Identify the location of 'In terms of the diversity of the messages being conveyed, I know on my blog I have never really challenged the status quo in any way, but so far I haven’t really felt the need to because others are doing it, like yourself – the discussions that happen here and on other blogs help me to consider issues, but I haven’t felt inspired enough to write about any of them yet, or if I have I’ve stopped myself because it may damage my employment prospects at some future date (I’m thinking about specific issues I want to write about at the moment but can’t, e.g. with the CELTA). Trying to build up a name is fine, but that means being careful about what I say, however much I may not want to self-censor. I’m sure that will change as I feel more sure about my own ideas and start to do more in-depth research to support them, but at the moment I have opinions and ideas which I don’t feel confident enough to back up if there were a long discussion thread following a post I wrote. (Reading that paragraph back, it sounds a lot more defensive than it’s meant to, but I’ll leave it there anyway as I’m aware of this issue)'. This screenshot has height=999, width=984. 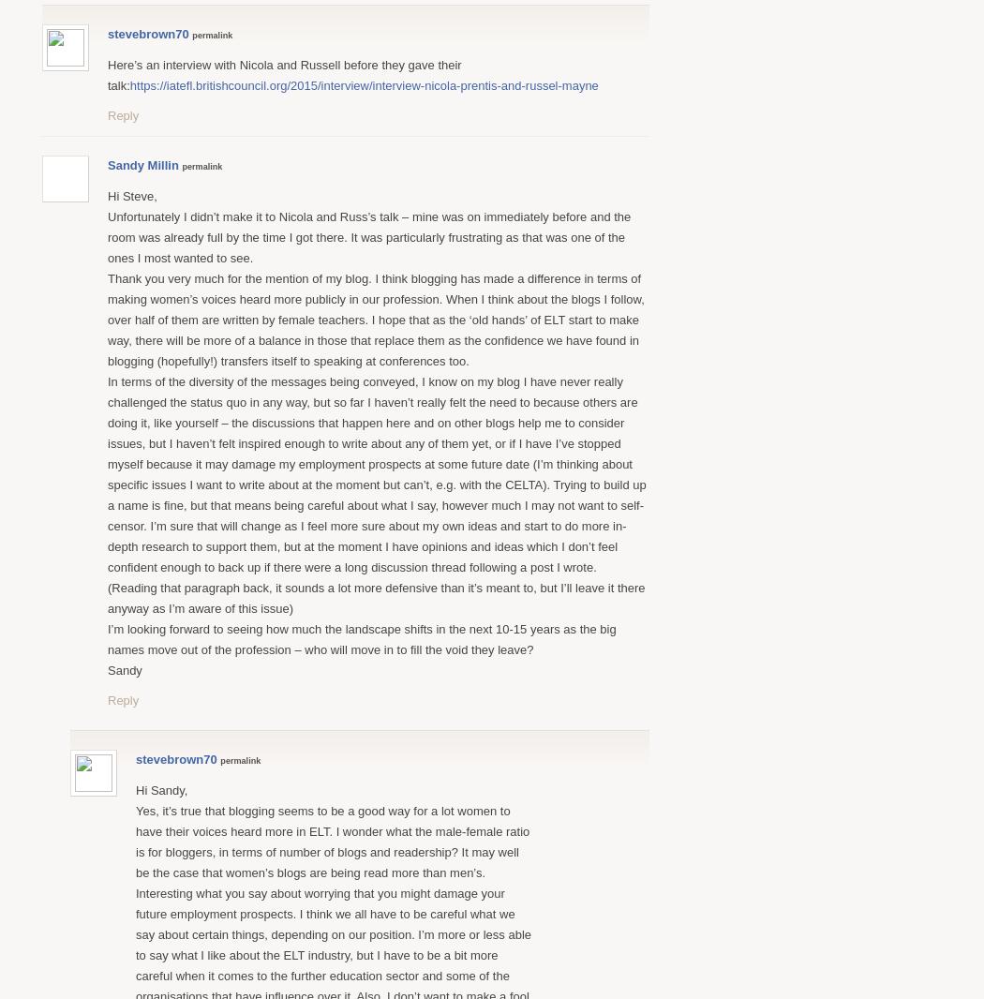
(377, 494).